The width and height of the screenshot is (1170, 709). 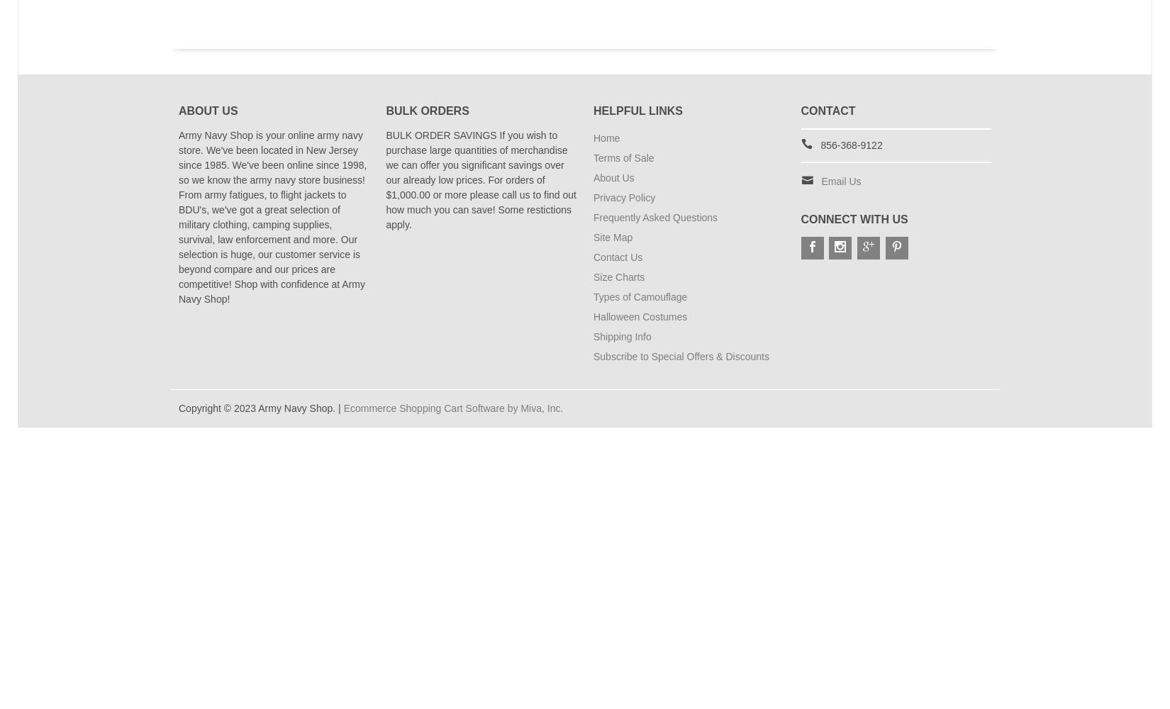 What do you see at coordinates (452, 407) in the screenshot?
I see `'Ecommerce Shopping Cart Software by Miva, Inc.'` at bounding box center [452, 407].